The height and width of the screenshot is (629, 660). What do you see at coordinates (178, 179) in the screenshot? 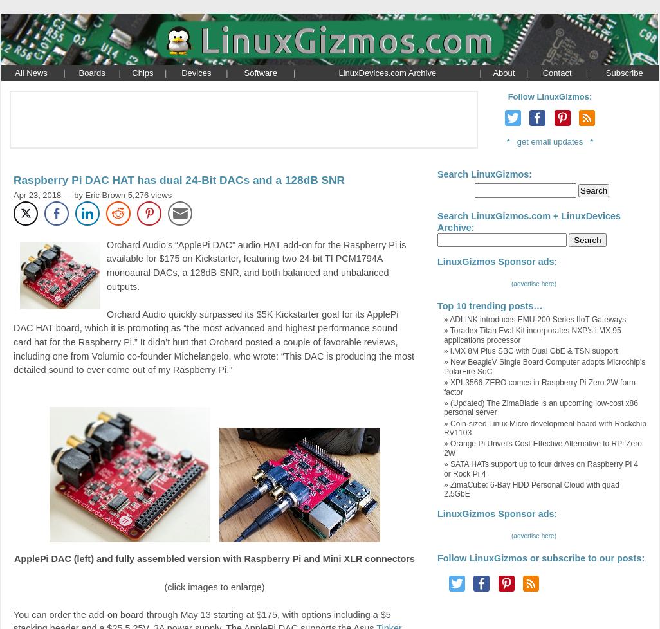
I see `'Raspberry Pi DAC HAT has dual 24-Bit DACs and a 128dB SNR'` at bounding box center [178, 179].